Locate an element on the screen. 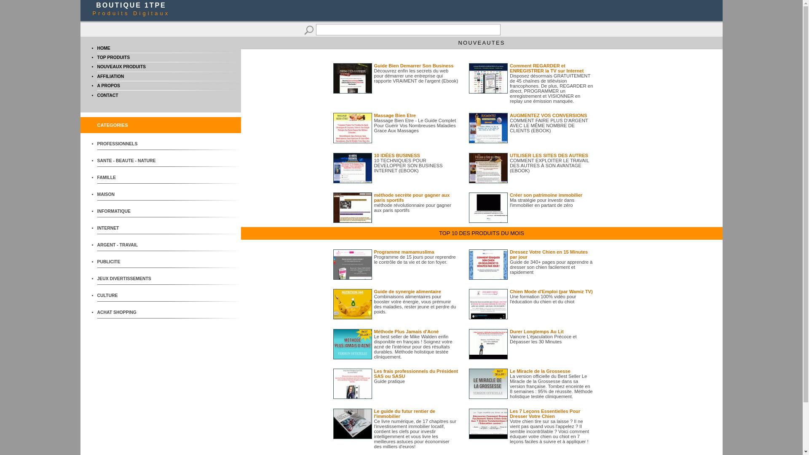 This screenshot has height=455, width=809. 'Guide de synergie alimentaire' is located at coordinates (407, 291).